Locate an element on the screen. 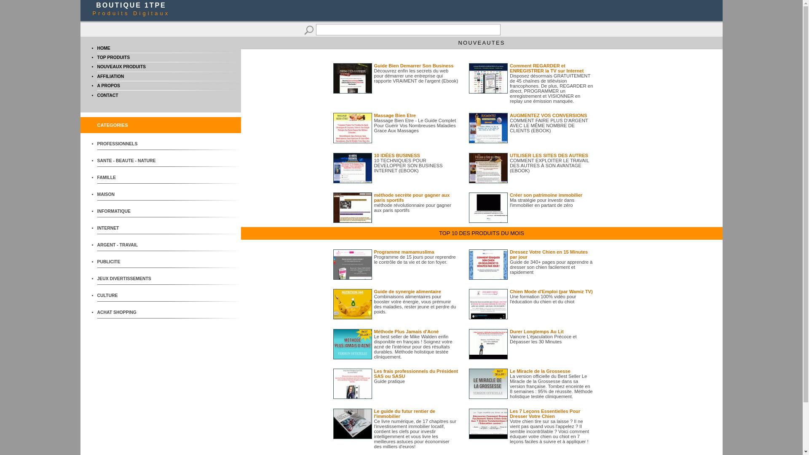 This screenshot has height=455, width=809. 'Guide de synergie alimentaire' is located at coordinates (407, 291).